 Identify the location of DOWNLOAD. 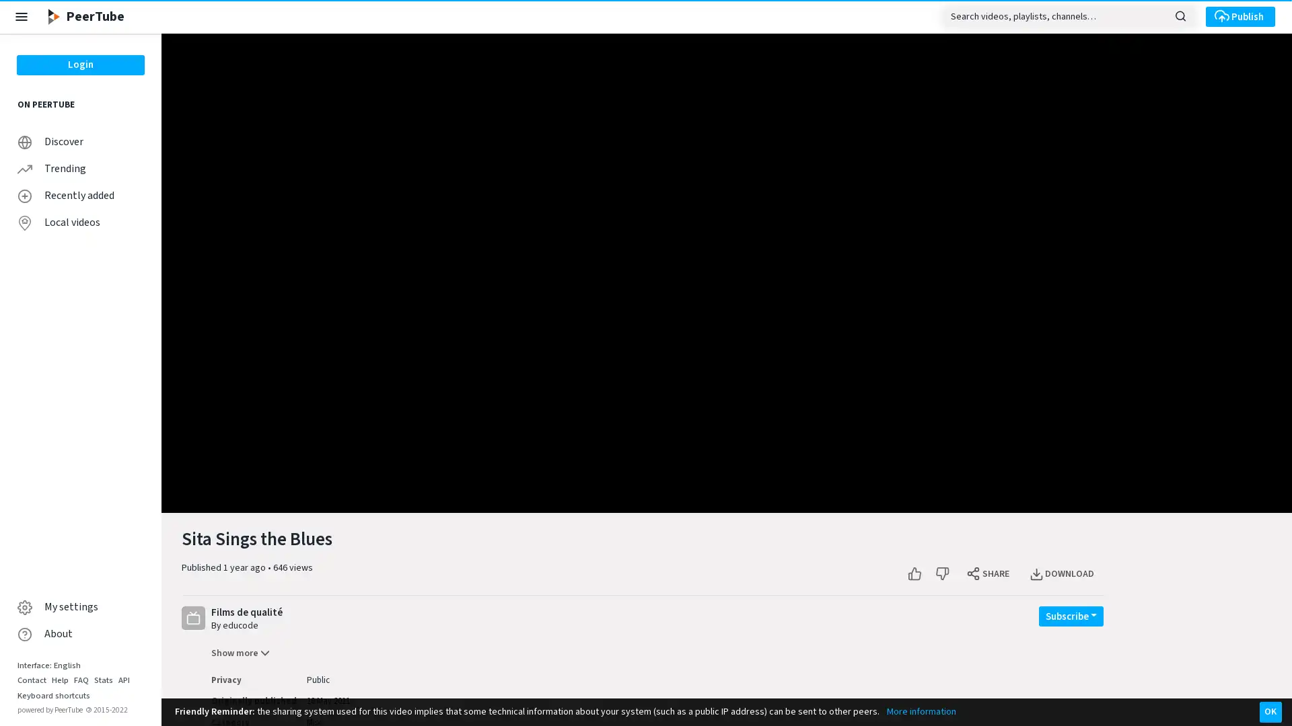
(1062, 573).